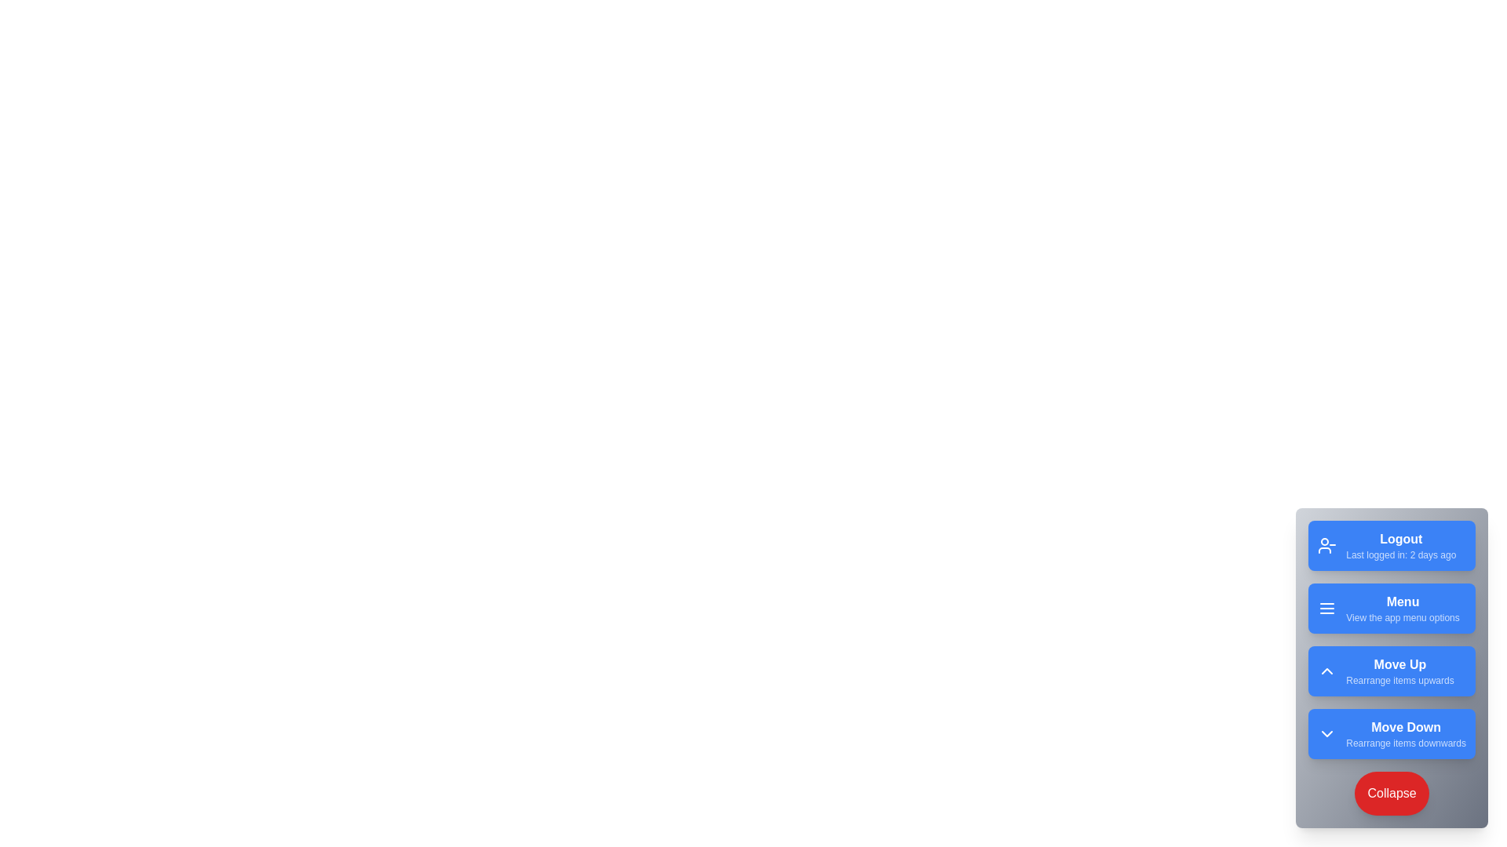 The image size is (1507, 847). What do you see at coordinates (1401, 544) in the screenshot?
I see `text on the text-based UI component styled as a button that provides informational feedback about the last login date, located at the top of the sidebar interface` at bounding box center [1401, 544].